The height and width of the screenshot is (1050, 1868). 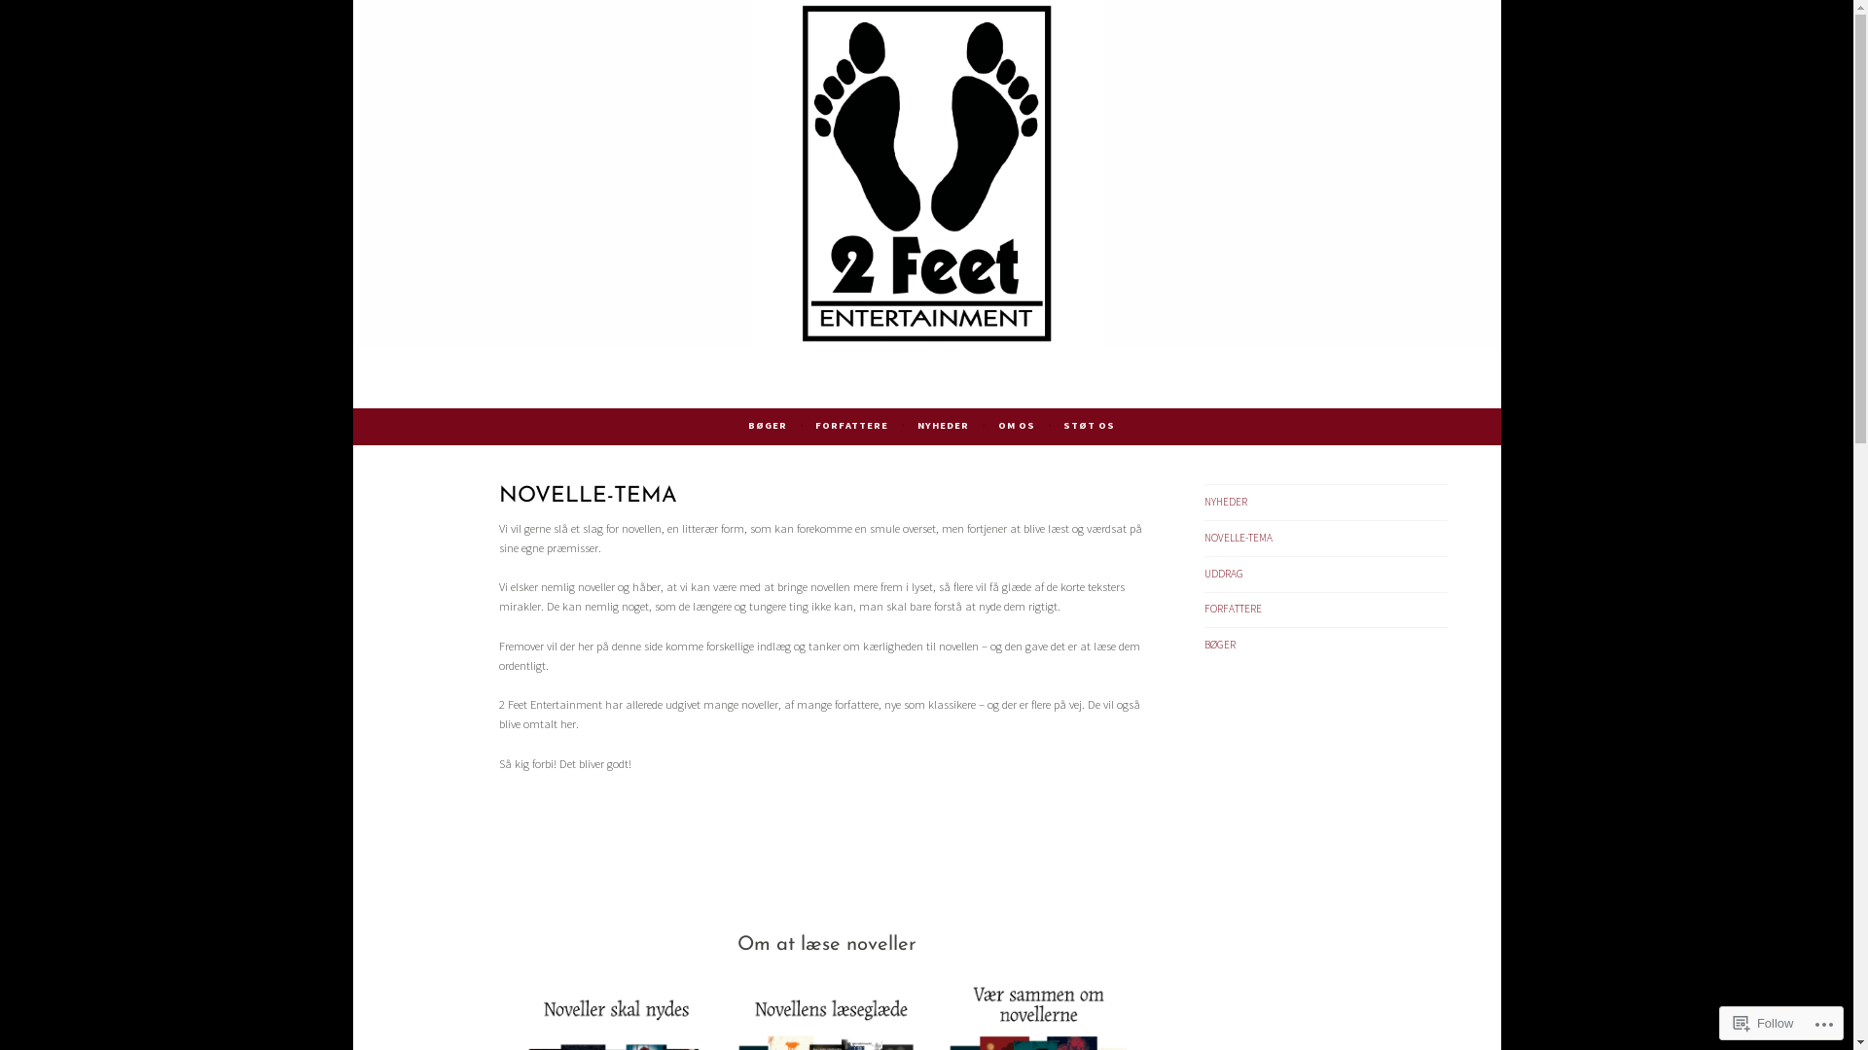 What do you see at coordinates (500, 390) in the screenshot?
I see `'2 Feet Entertainment'` at bounding box center [500, 390].